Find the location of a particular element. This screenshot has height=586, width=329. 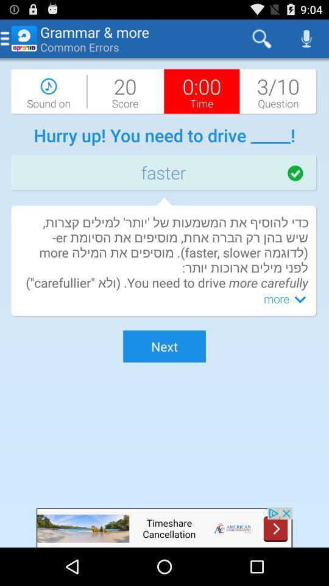

advertising is located at coordinates (164, 527).